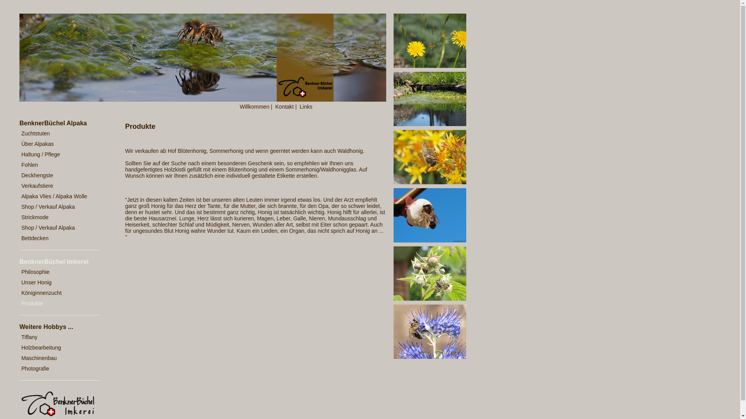 The height and width of the screenshot is (419, 746). What do you see at coordinates (56, 347) in the screenshot?
I see `'Holzbearbeitung'` at bounding box center [56, 347].